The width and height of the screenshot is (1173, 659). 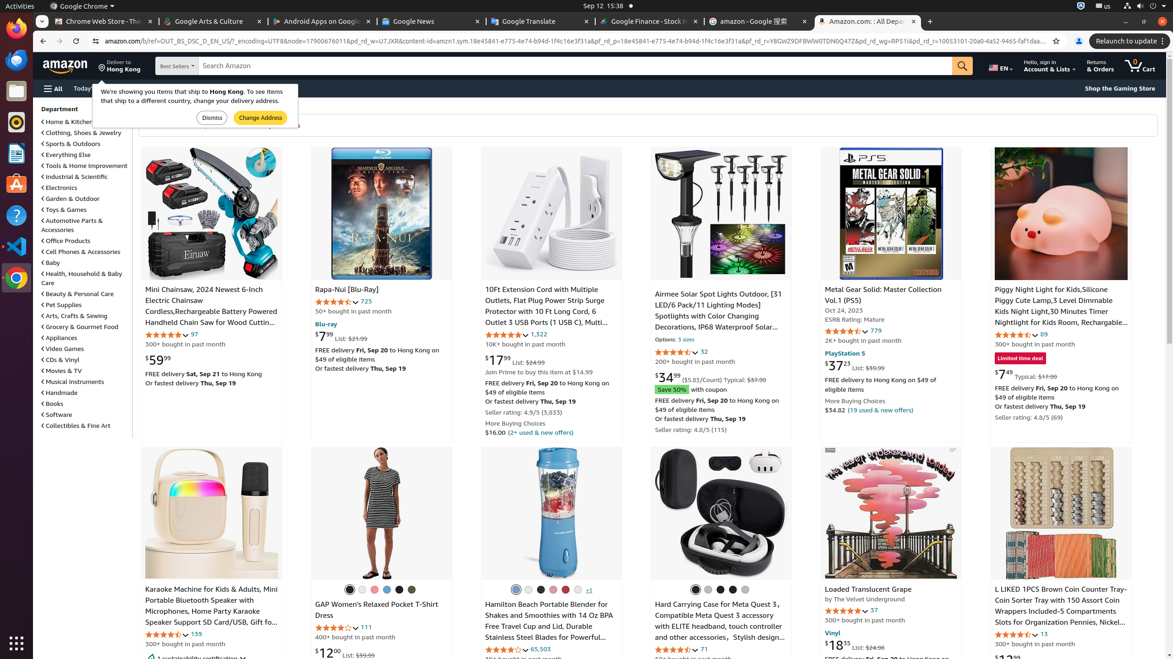 I want to click on 'Automotive Parts & Accessories', so click(x=71, y=224).